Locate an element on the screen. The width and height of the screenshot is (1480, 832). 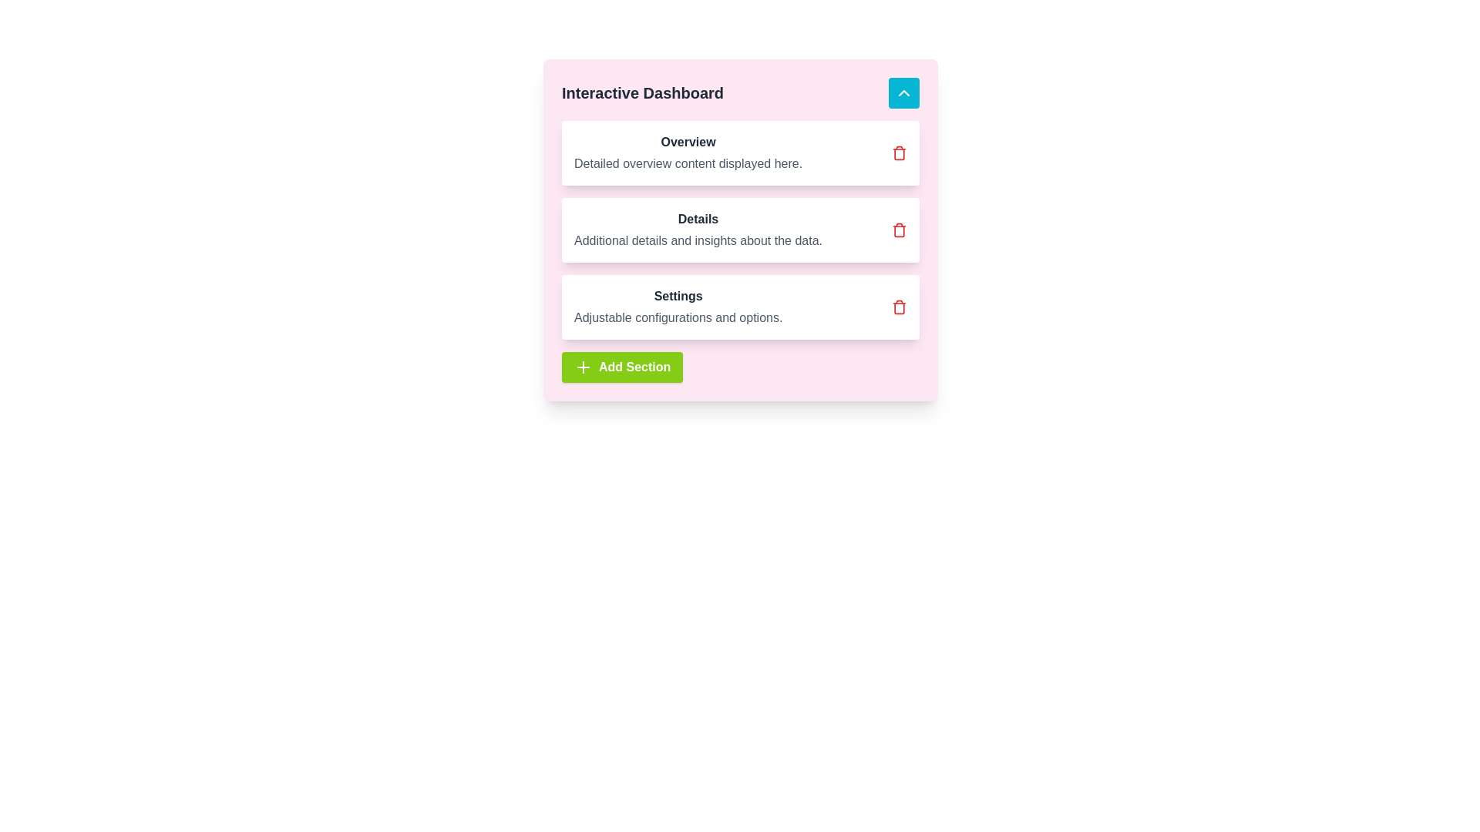
the icon button located at the far-right end of the 'Overview' panel is located at coordinates (899, 153).